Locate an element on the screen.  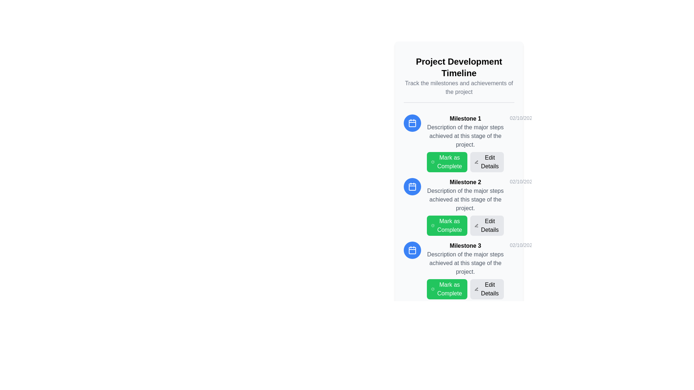
the 'Edit Details' icon located in the milestone row, which visually represents editing capabilities is located at coordinates (476, 161).